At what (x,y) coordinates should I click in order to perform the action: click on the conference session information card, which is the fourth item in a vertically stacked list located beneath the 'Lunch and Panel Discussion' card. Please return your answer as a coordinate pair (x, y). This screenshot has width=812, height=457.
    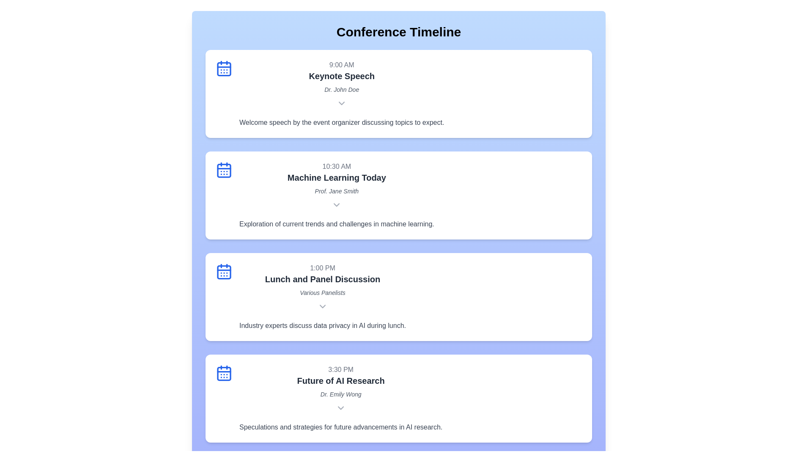
    Looking at the image, I should click on (398, 398).